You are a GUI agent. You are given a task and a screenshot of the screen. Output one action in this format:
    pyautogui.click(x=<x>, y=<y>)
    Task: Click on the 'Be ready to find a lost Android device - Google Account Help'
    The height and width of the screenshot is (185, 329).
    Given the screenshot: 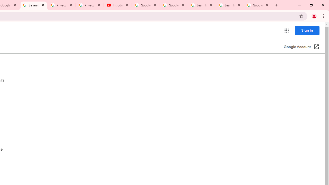 What is the action you would take?
    pyautogui.click(x=33, y=5)
    